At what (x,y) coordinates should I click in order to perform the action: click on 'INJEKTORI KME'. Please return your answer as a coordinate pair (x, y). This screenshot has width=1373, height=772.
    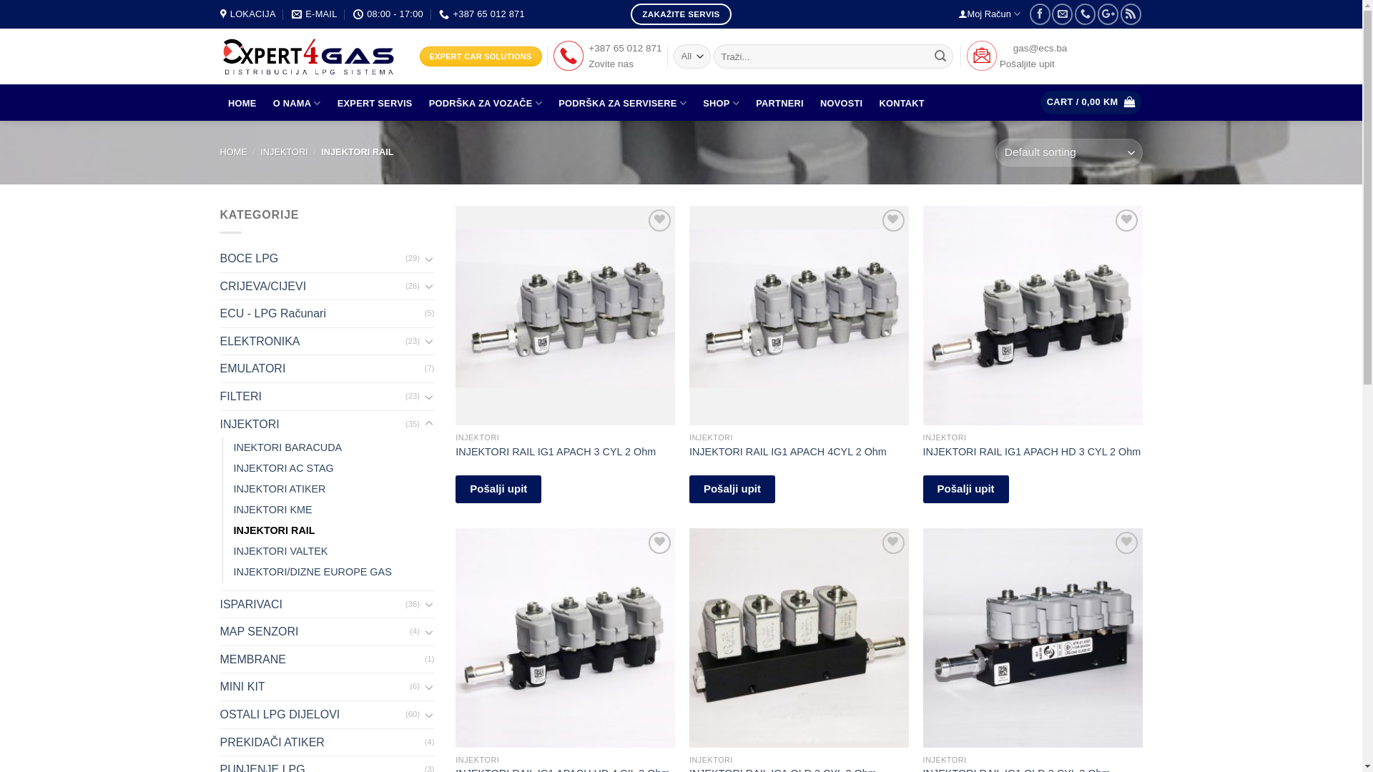
    Looking at the image, I should click on (272, 509).